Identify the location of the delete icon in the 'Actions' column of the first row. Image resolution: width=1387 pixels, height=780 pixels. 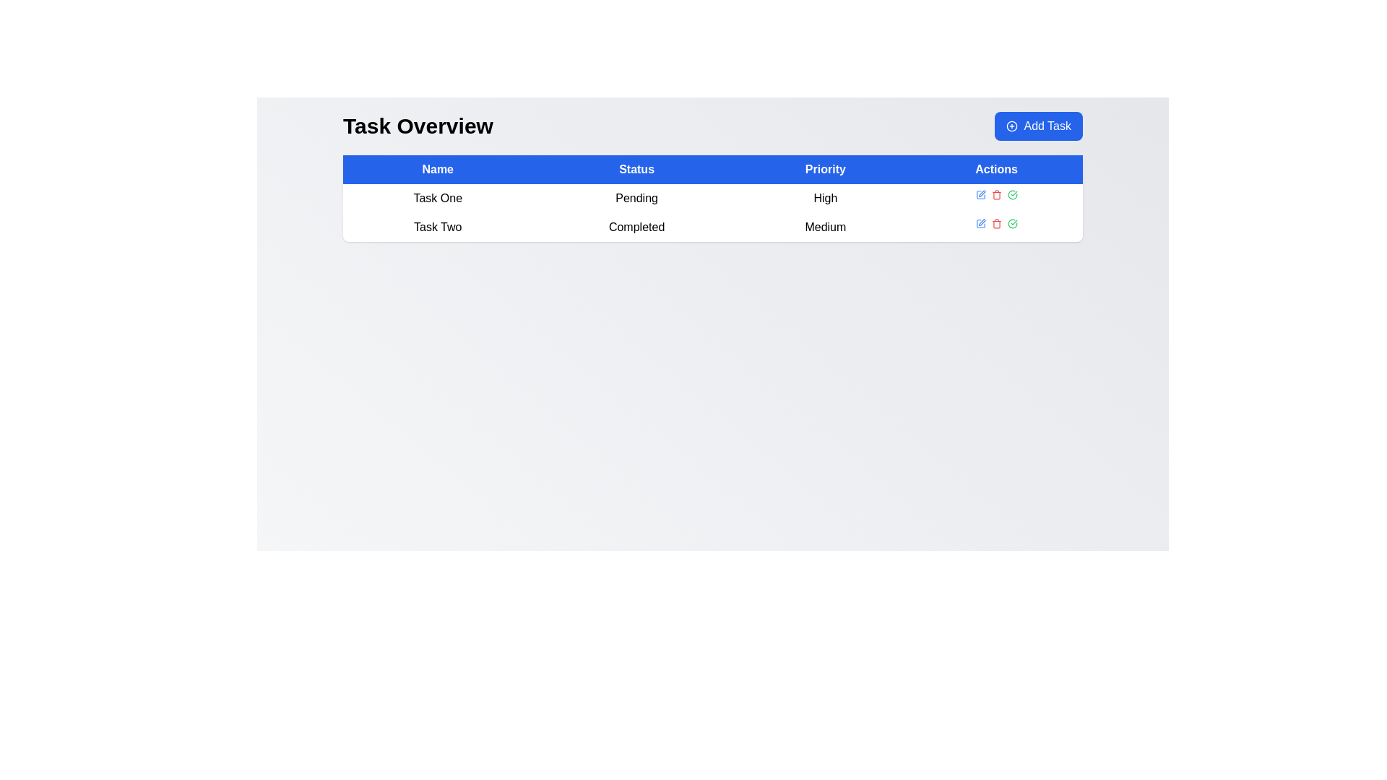
(995, 195).